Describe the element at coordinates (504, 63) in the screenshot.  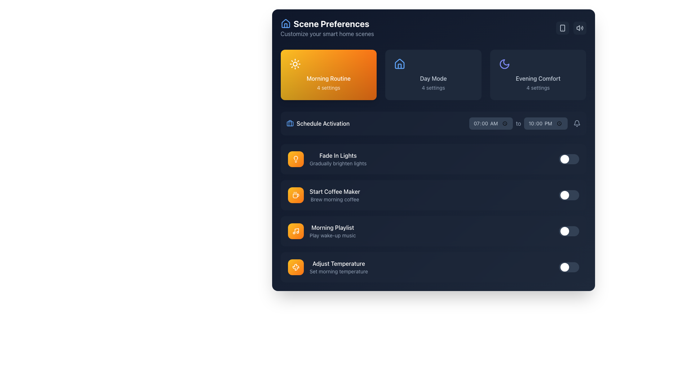
I see `the moon icon with a crescent shape and circular pattern, which is part of the 'Evening Comfort' card, located third from the left in the upper portion of the interface` at that location.